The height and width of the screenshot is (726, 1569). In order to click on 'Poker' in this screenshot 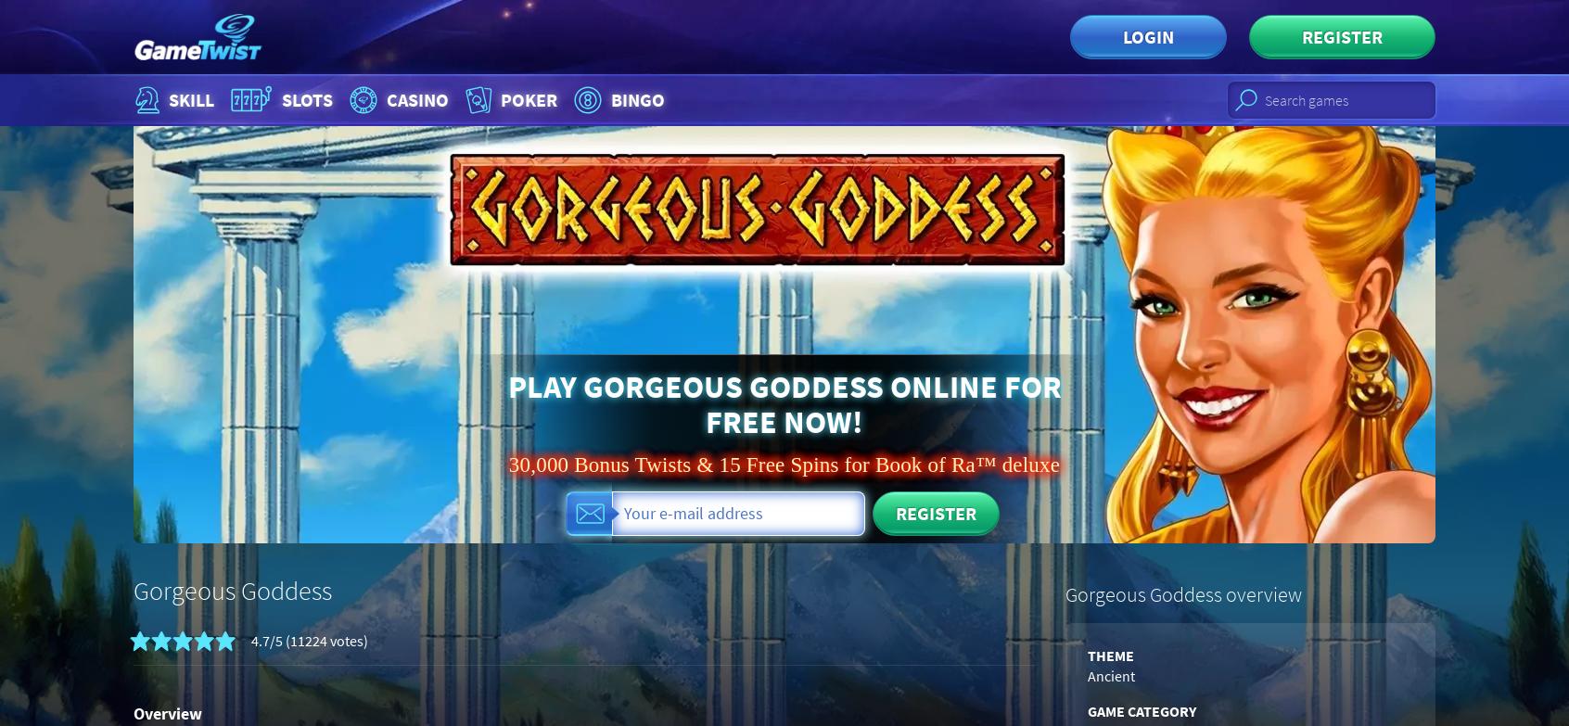, I will do `click(528, 99)`.